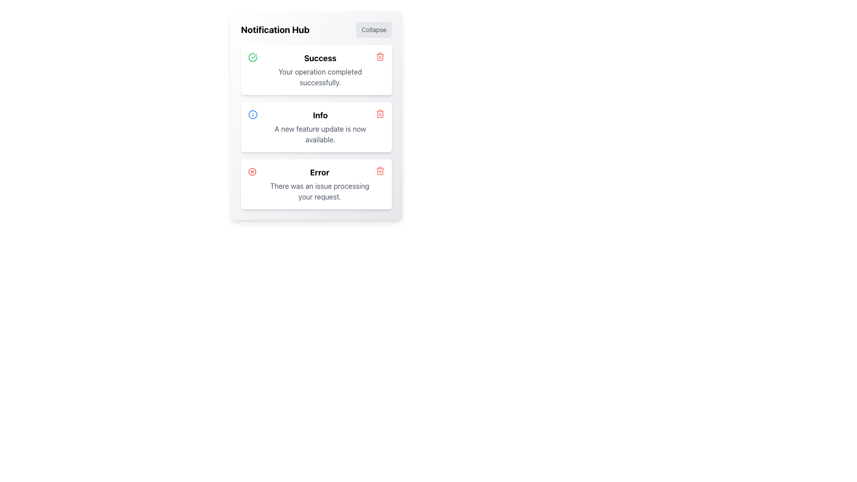  Describe the element at coordinates (252, 57) in the screenshot. I see `the circular icon with a checkmark inside, styled with a green outline, located within the notification card titled 'Success'` at that location.